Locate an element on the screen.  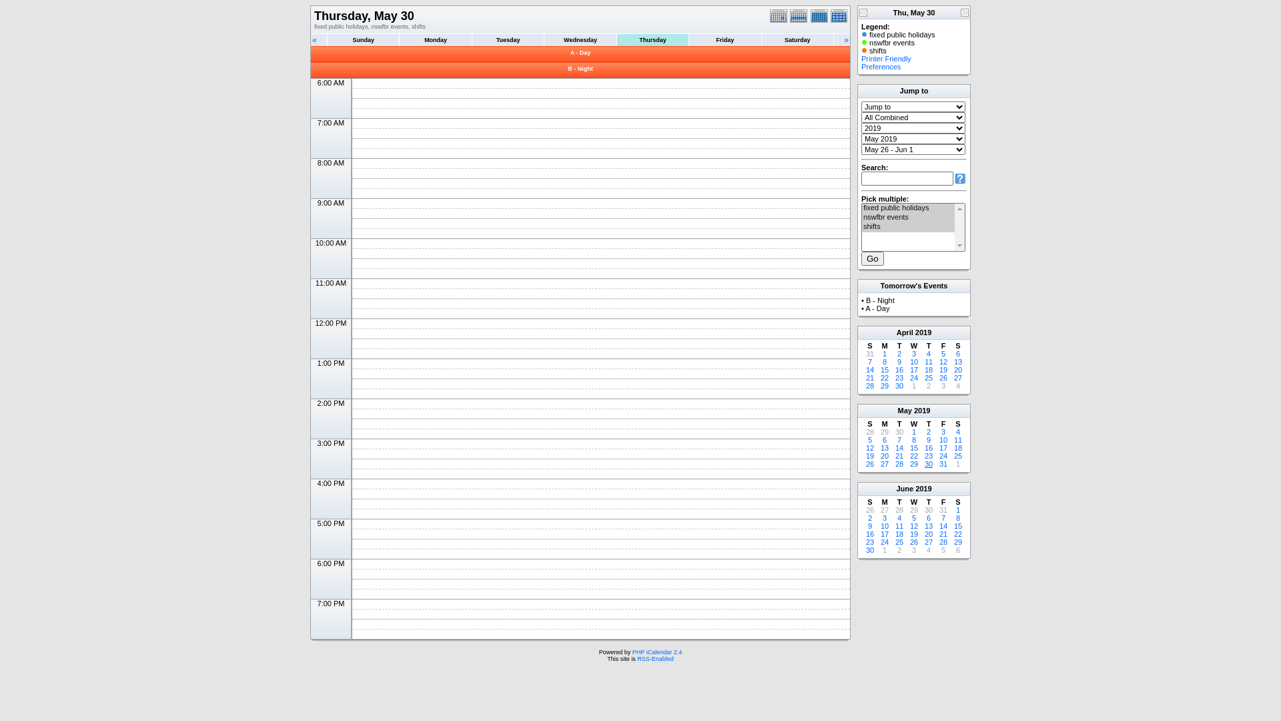
'3' is located at coordinates (884, 517).